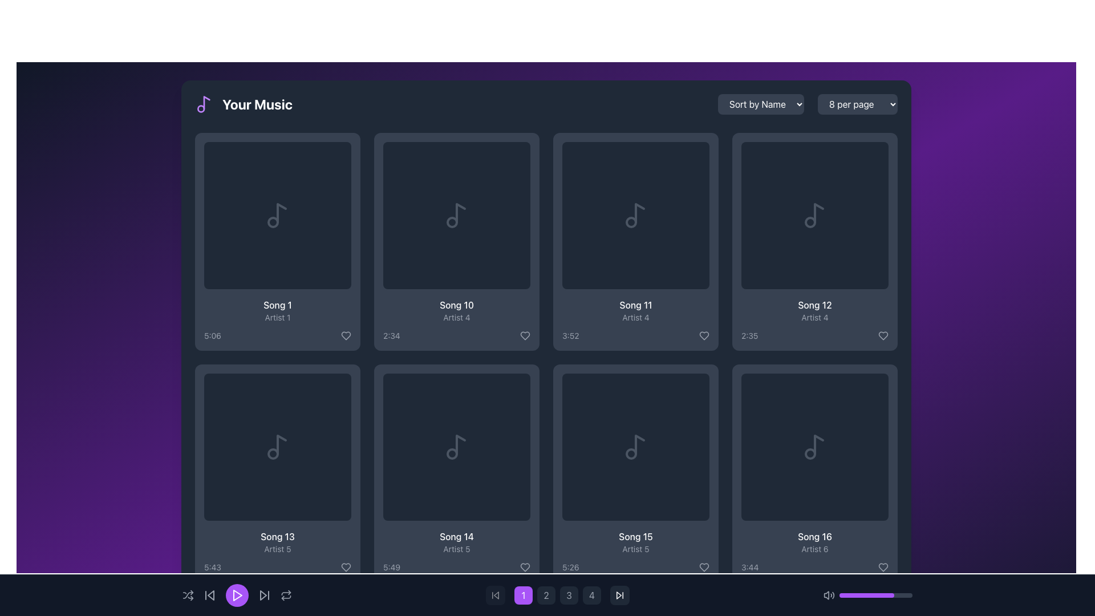 This screenshot has height=616, width=1095. I want to click on the text label displaying 'Artist 6' located under the song title 'Song 16' in the bottom-right section of the grid layout, so click(814, 549).